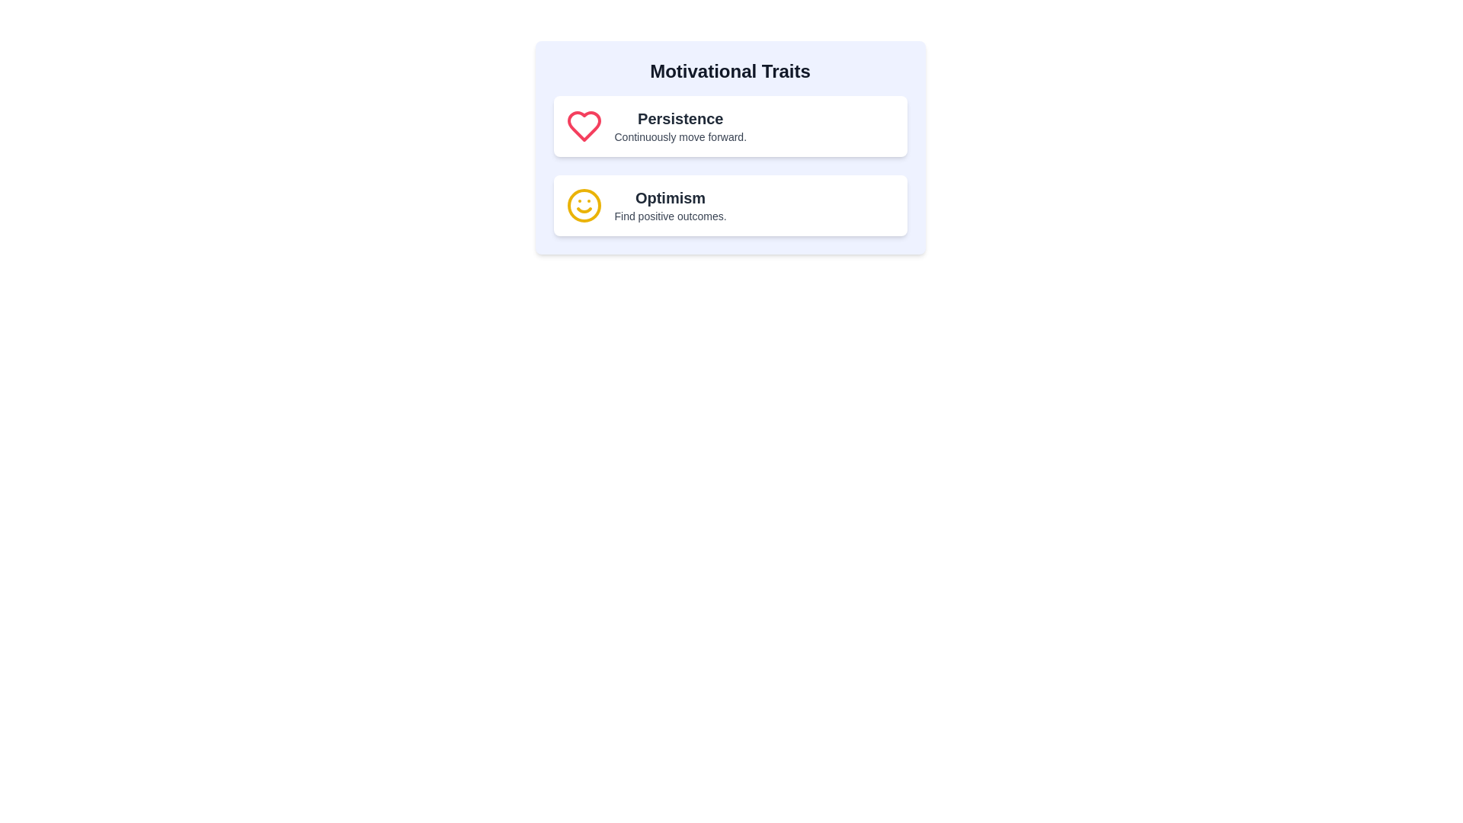  Describe the element at coordinates (583, 125) in the screenshot. I see `the heart icon located in the first row under 'Motivational Traits', to the left of the text 'Persistence'` at that location.